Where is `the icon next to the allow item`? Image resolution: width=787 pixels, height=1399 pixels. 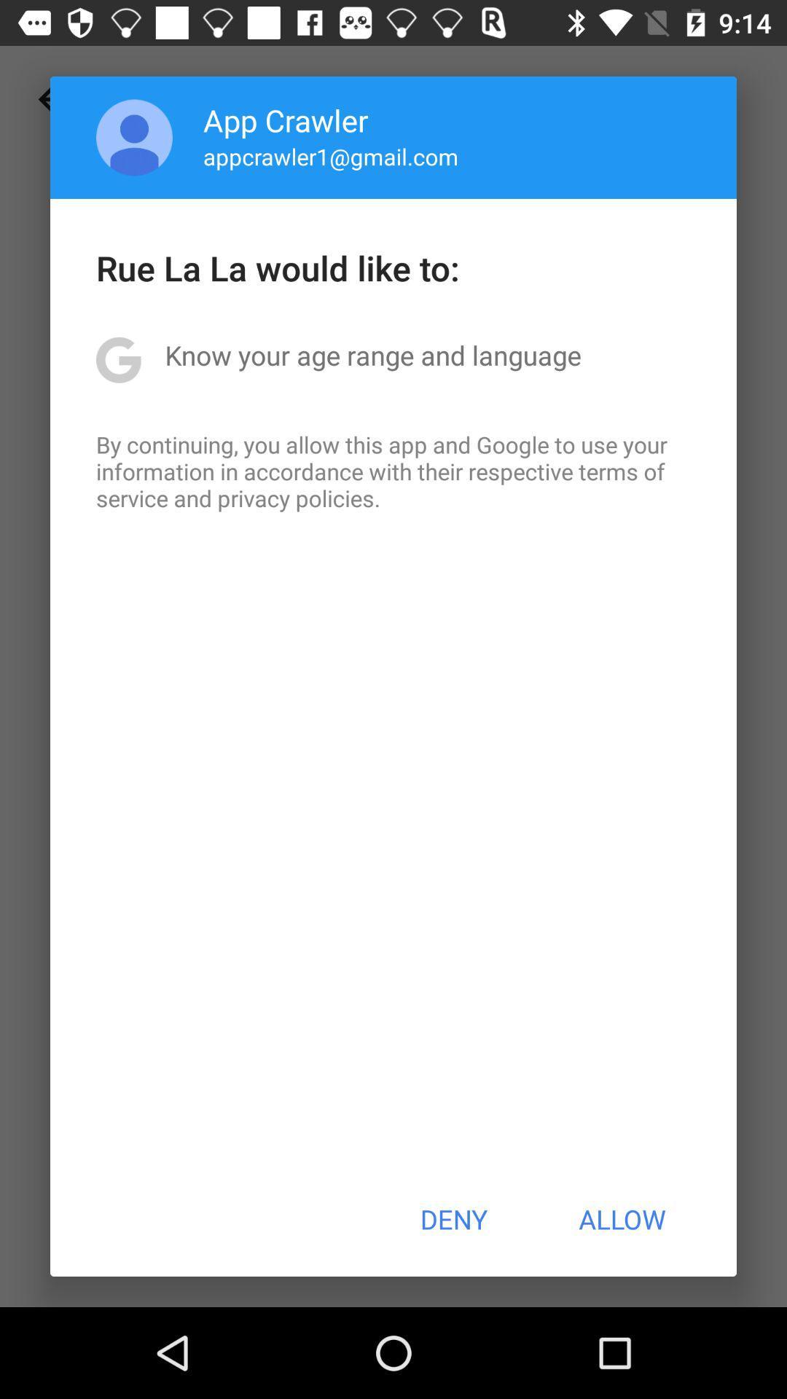 the icon next to the allow item is located at coordinates (453, 1219).